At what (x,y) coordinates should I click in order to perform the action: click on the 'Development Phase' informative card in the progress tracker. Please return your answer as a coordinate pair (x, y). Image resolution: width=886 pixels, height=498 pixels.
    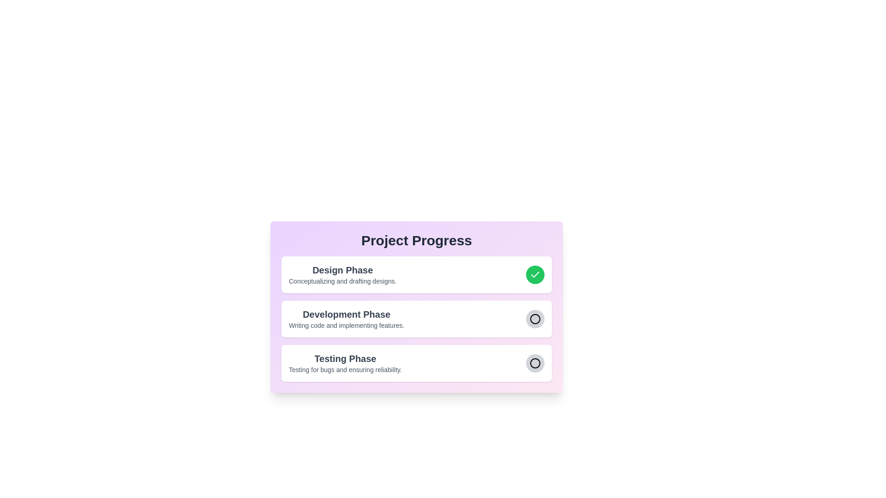
    Looking at the image, I should click on (416, 307).